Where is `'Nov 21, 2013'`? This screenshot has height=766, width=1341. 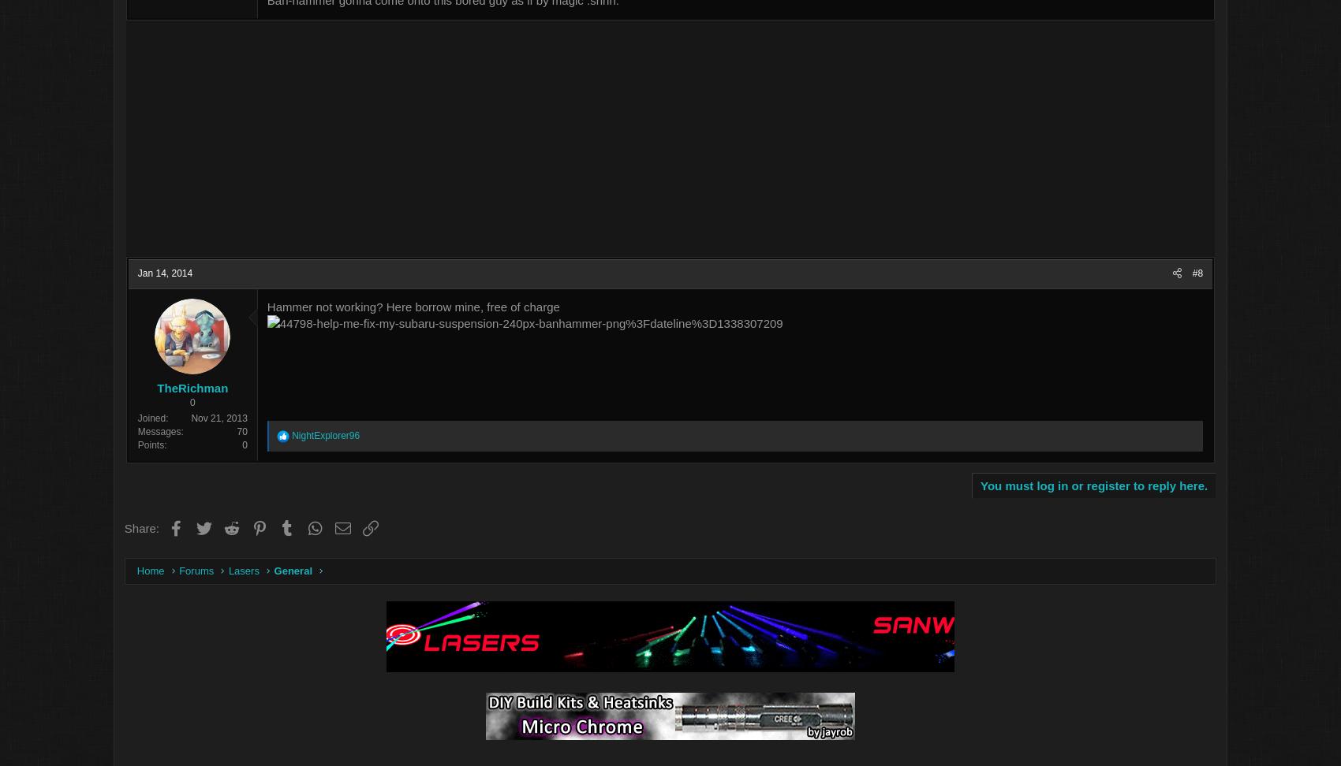
'Nov 21, 2013' is located at coordinates (304, 420).